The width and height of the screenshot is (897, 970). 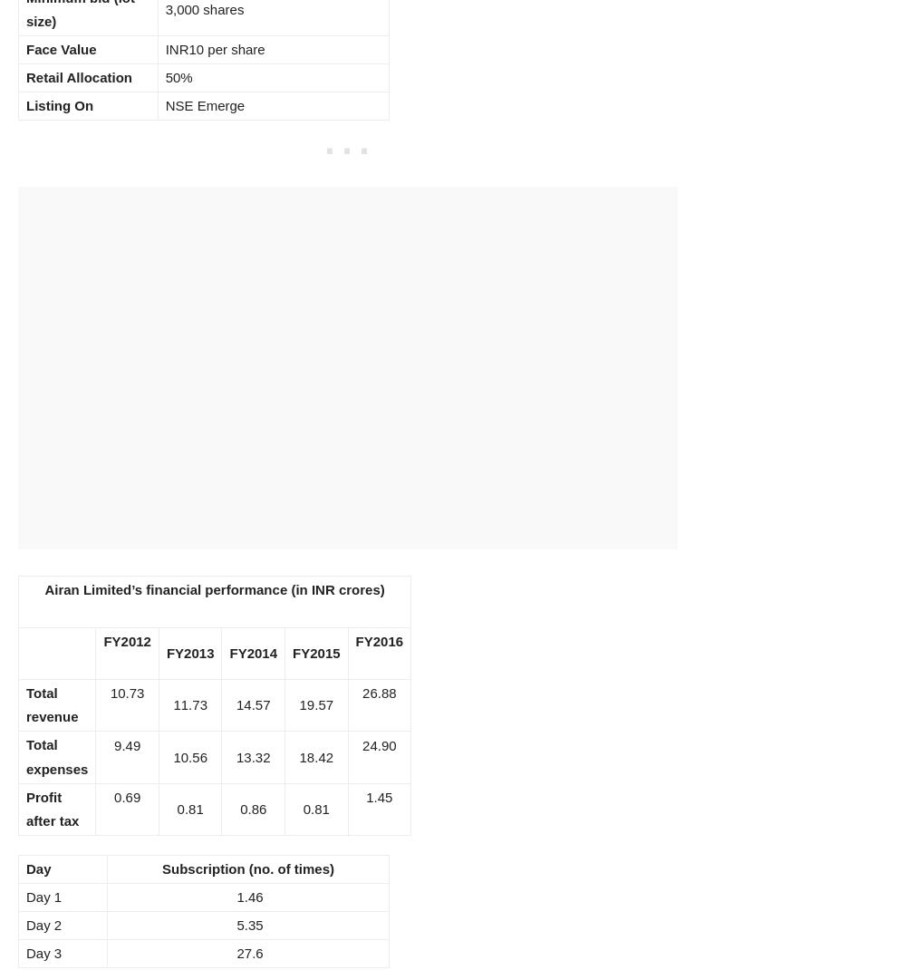 What do you see at coordinates (25, 47) in the screenshot?
I see `'Face Value'` at bounding box center [25, 47].